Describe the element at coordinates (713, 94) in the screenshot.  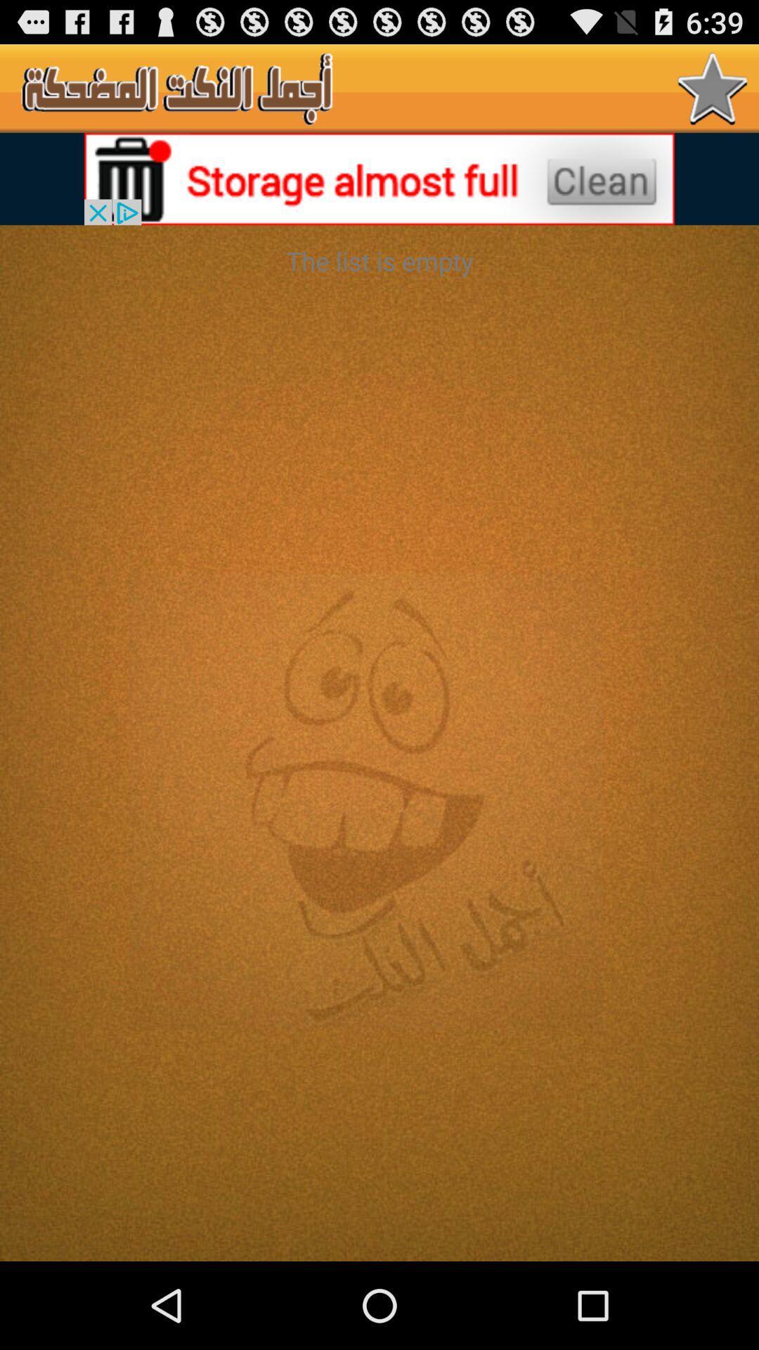
I see `the star icon` at that location.